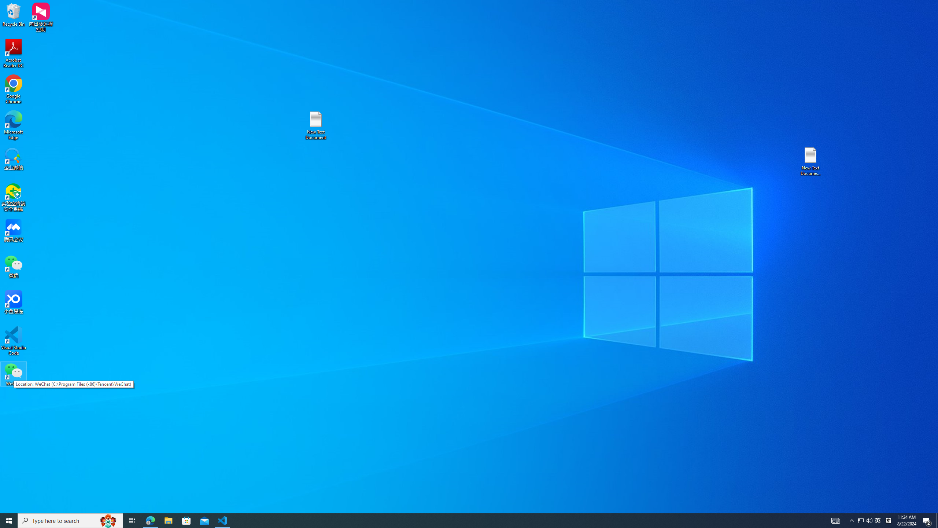 This screenshot has width=938, height=528. What do you see at coordinates (187, 520) in the screenshot?
I see `'Microsoft Store'` at bounding box center [187, 520].